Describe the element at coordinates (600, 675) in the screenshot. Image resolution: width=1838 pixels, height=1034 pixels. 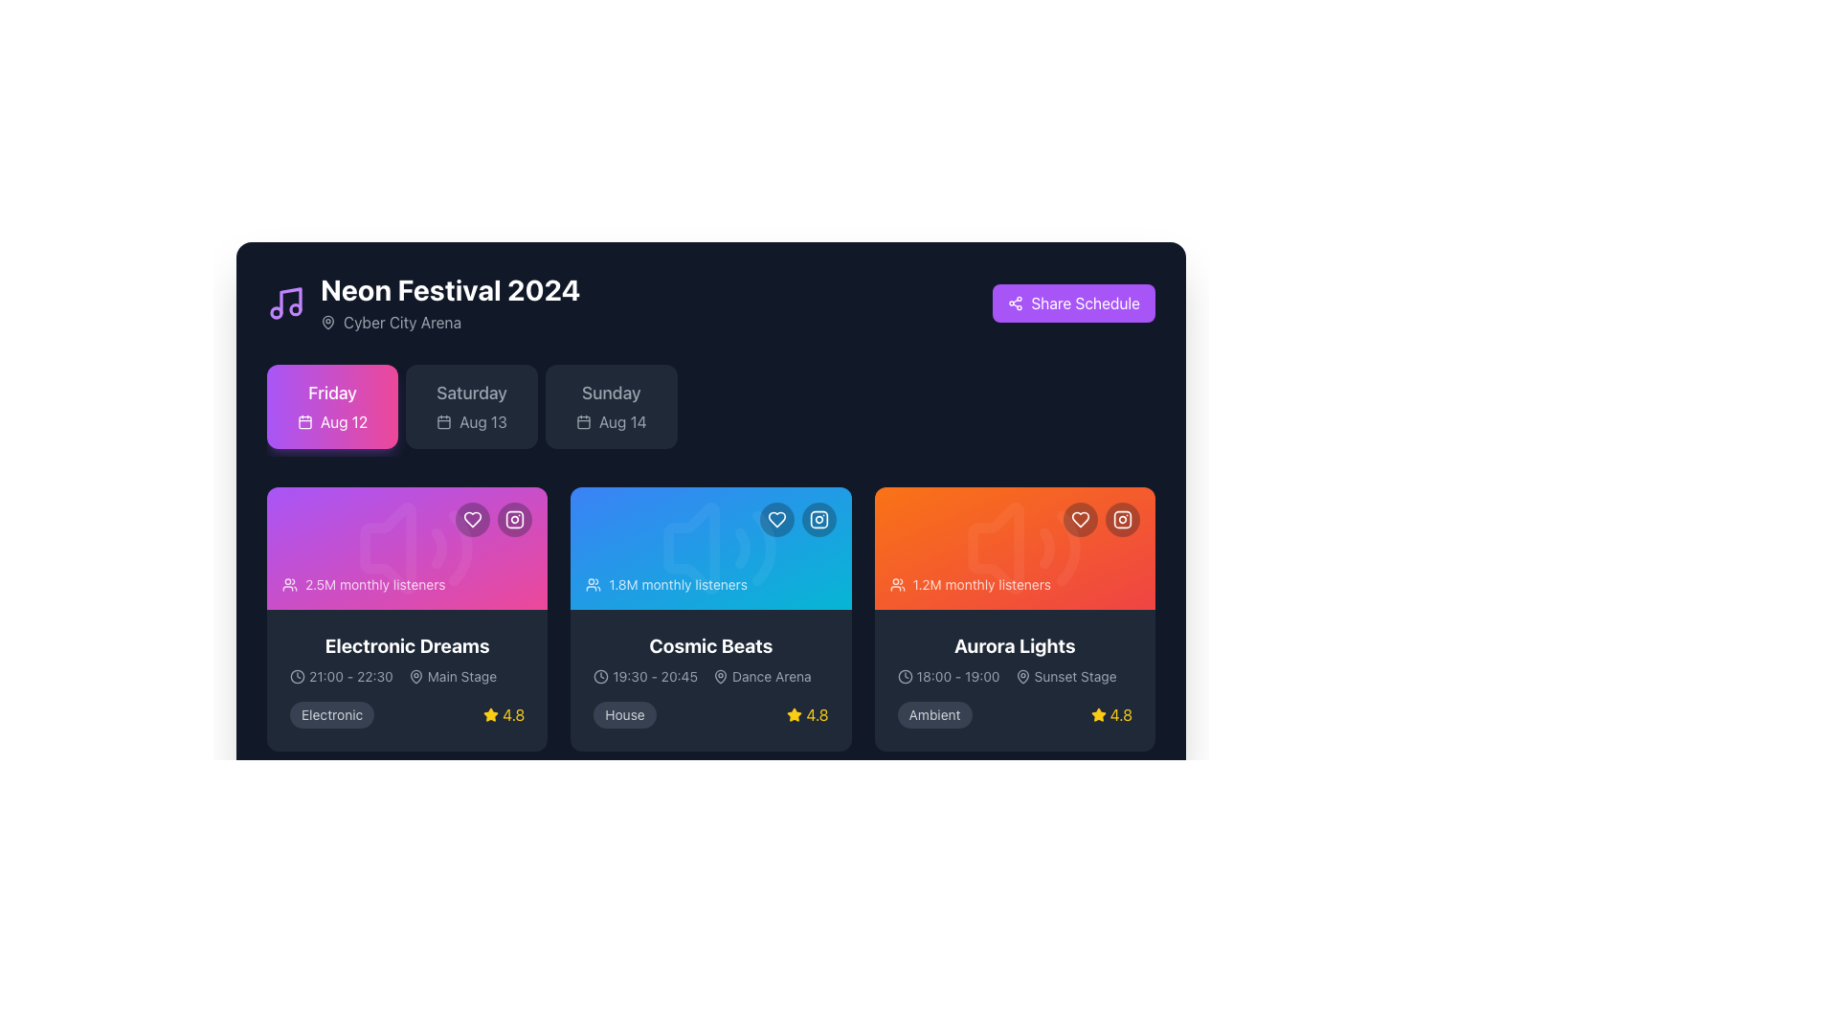
I see `properties of the circular SVG icon that is part of the clock icon located at the top-left area of the 'Cosmic Beats' card` at that location.